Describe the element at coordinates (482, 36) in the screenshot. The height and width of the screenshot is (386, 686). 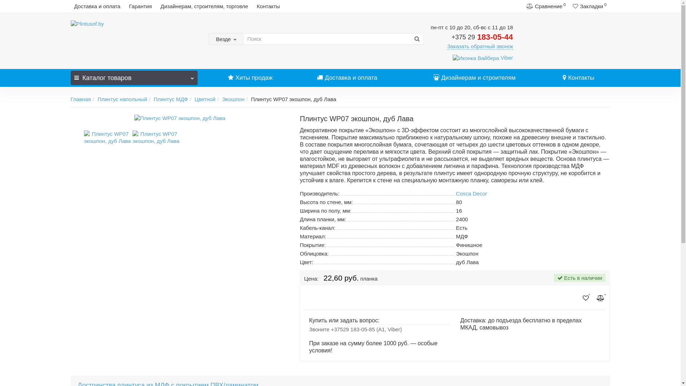
I see `'+375 29 183-05-44'` at that location.